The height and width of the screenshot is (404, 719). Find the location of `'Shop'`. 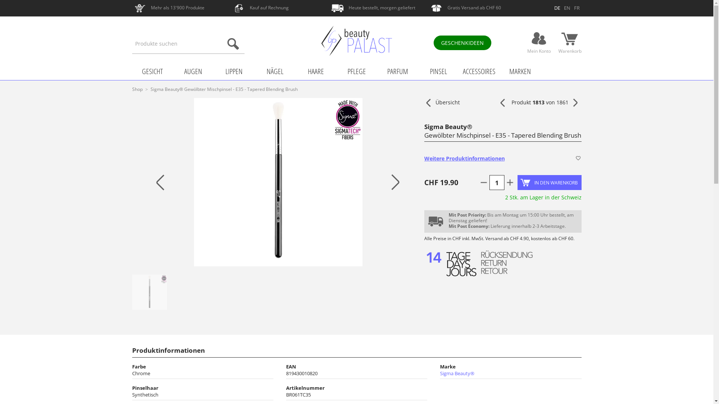

'Shop' is located at coordinates (138, 89).